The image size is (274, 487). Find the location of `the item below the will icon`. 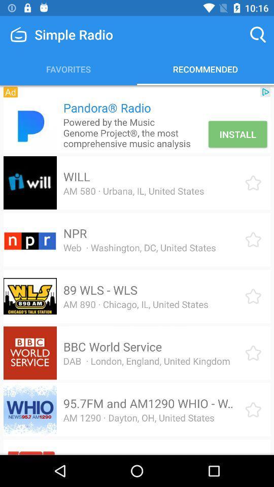

the item below the will icon is located at coordinates (133, 190).